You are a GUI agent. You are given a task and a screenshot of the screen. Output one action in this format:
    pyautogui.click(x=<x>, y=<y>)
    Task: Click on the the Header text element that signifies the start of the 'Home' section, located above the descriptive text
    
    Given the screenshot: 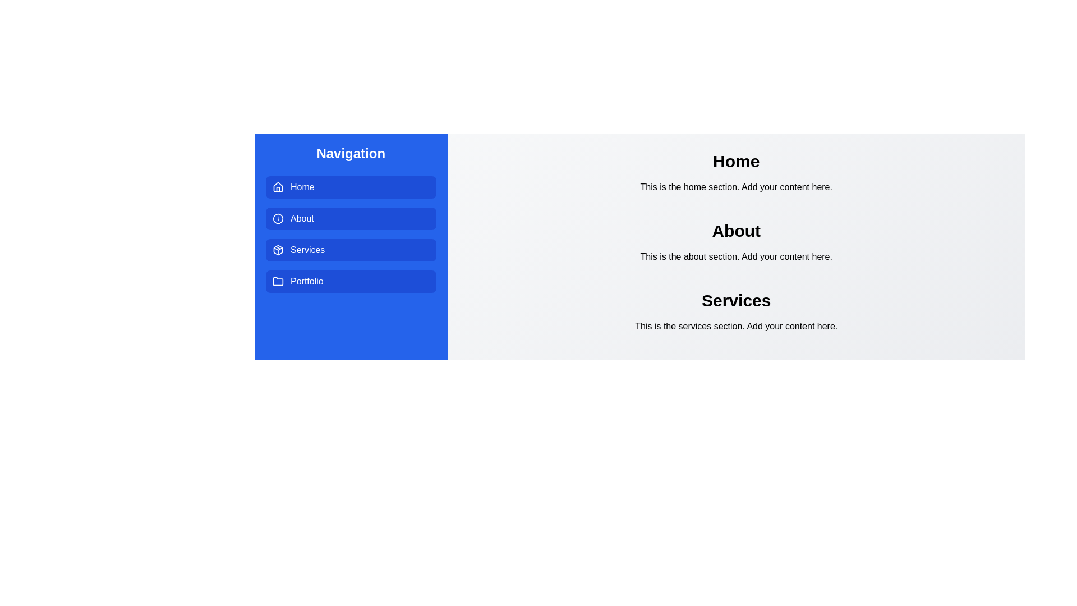 What is the action you would take?
    pyautogui.click(x=736, y=162)
    